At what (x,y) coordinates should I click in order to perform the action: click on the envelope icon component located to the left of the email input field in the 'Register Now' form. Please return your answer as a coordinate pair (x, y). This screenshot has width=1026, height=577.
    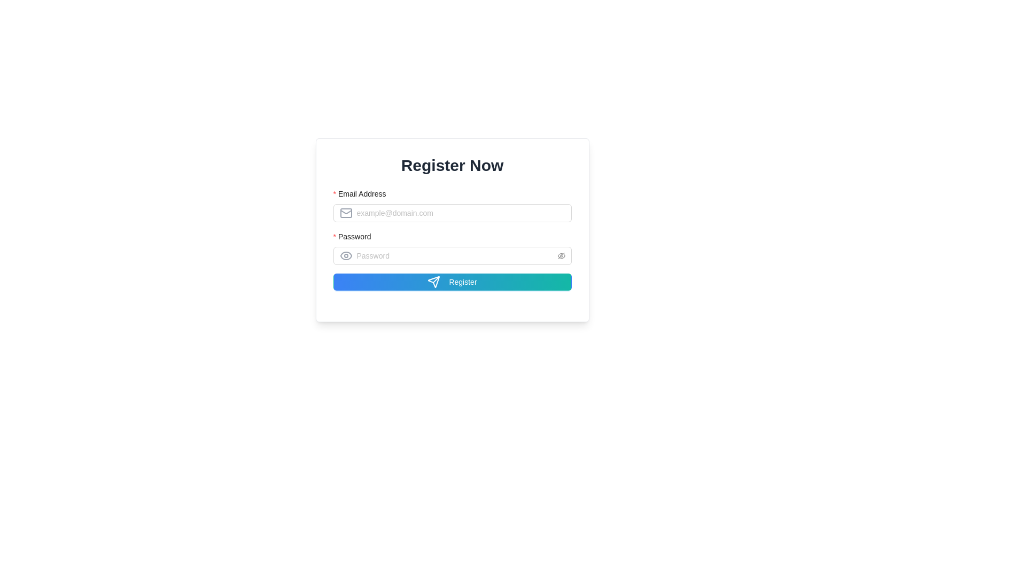
    Looking at the image, I should click on (346, 213).